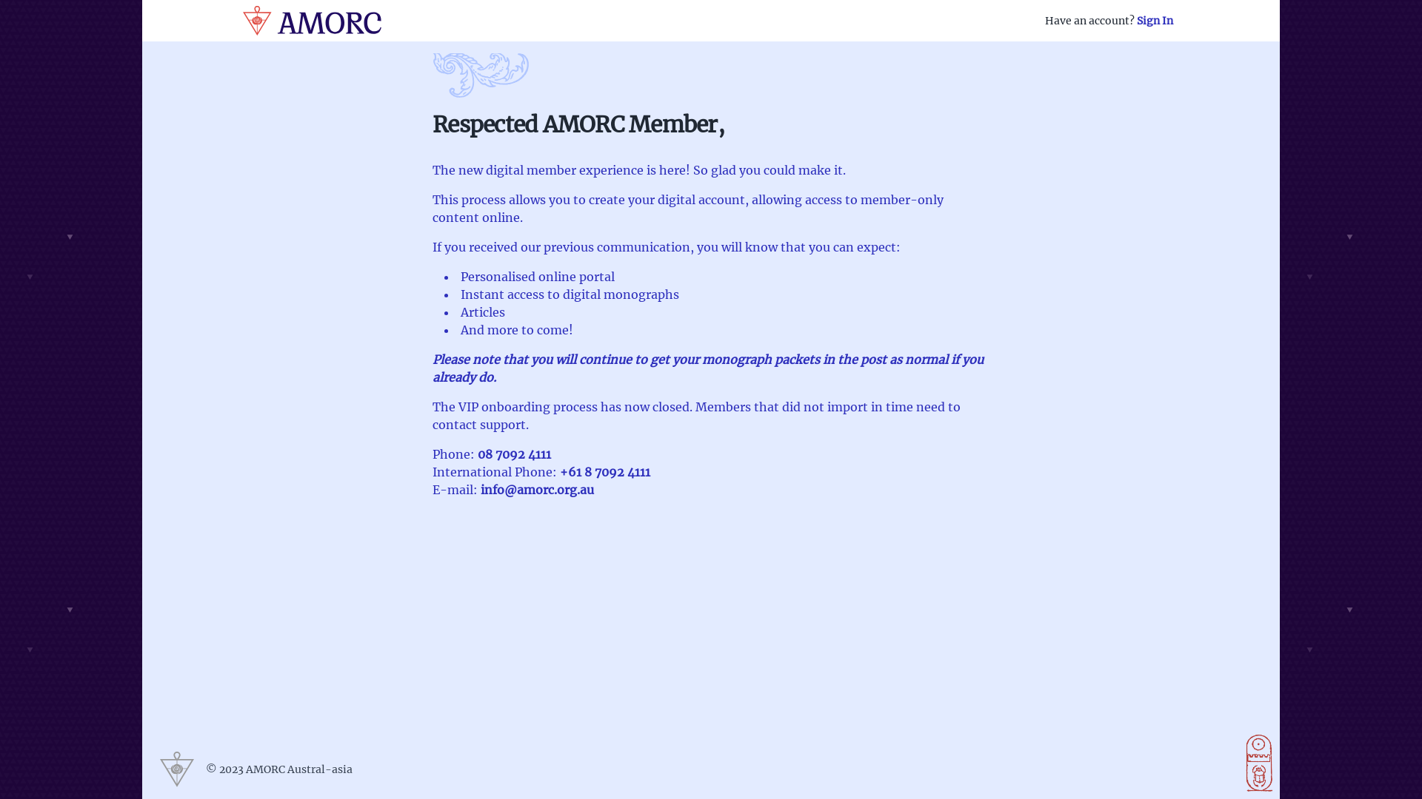 Image resolution: width=1422 pixels, height=799 pixels. Describe the element at coordinates (1136, 20) in the screenshot. I see `'Sign In'` at that location.